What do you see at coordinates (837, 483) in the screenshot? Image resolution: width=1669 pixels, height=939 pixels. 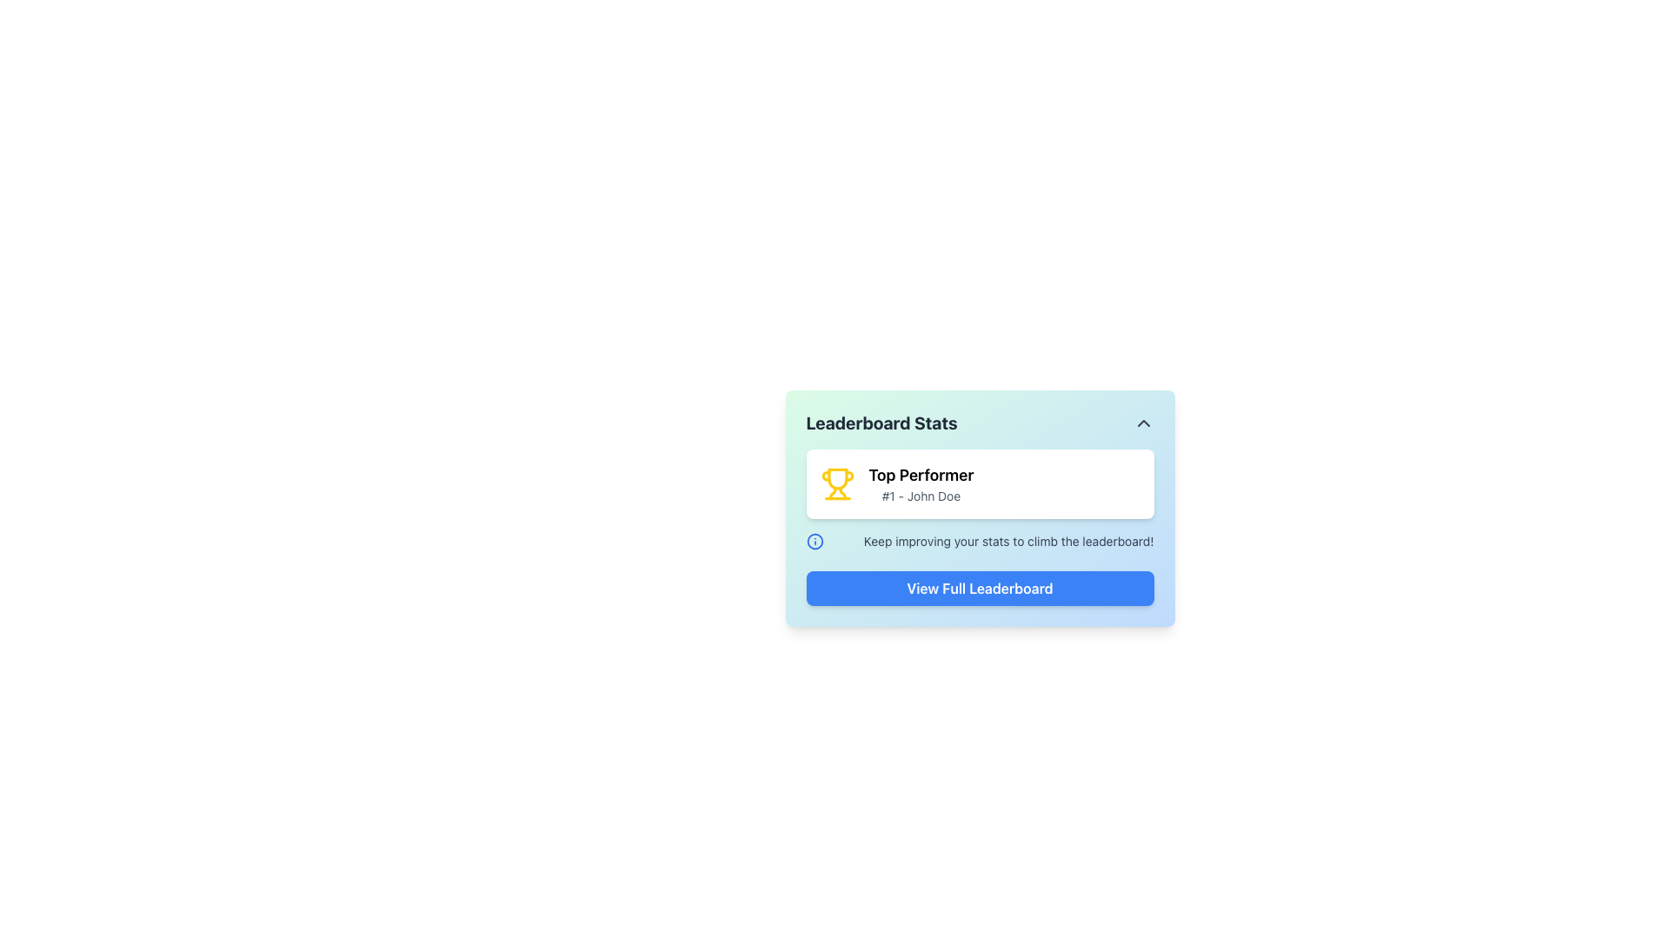 I see `the trophy icon representing the achievement of the individual listed as '#1 - John Doe' in the leaderboard section` at bounding box center [837, 483].